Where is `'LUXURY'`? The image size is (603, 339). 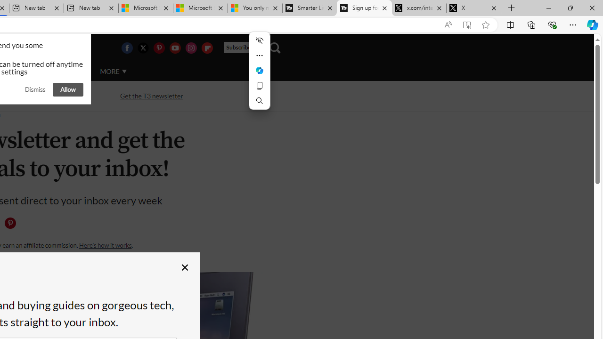
'LUXURY' is located at coordinates (31, 71).